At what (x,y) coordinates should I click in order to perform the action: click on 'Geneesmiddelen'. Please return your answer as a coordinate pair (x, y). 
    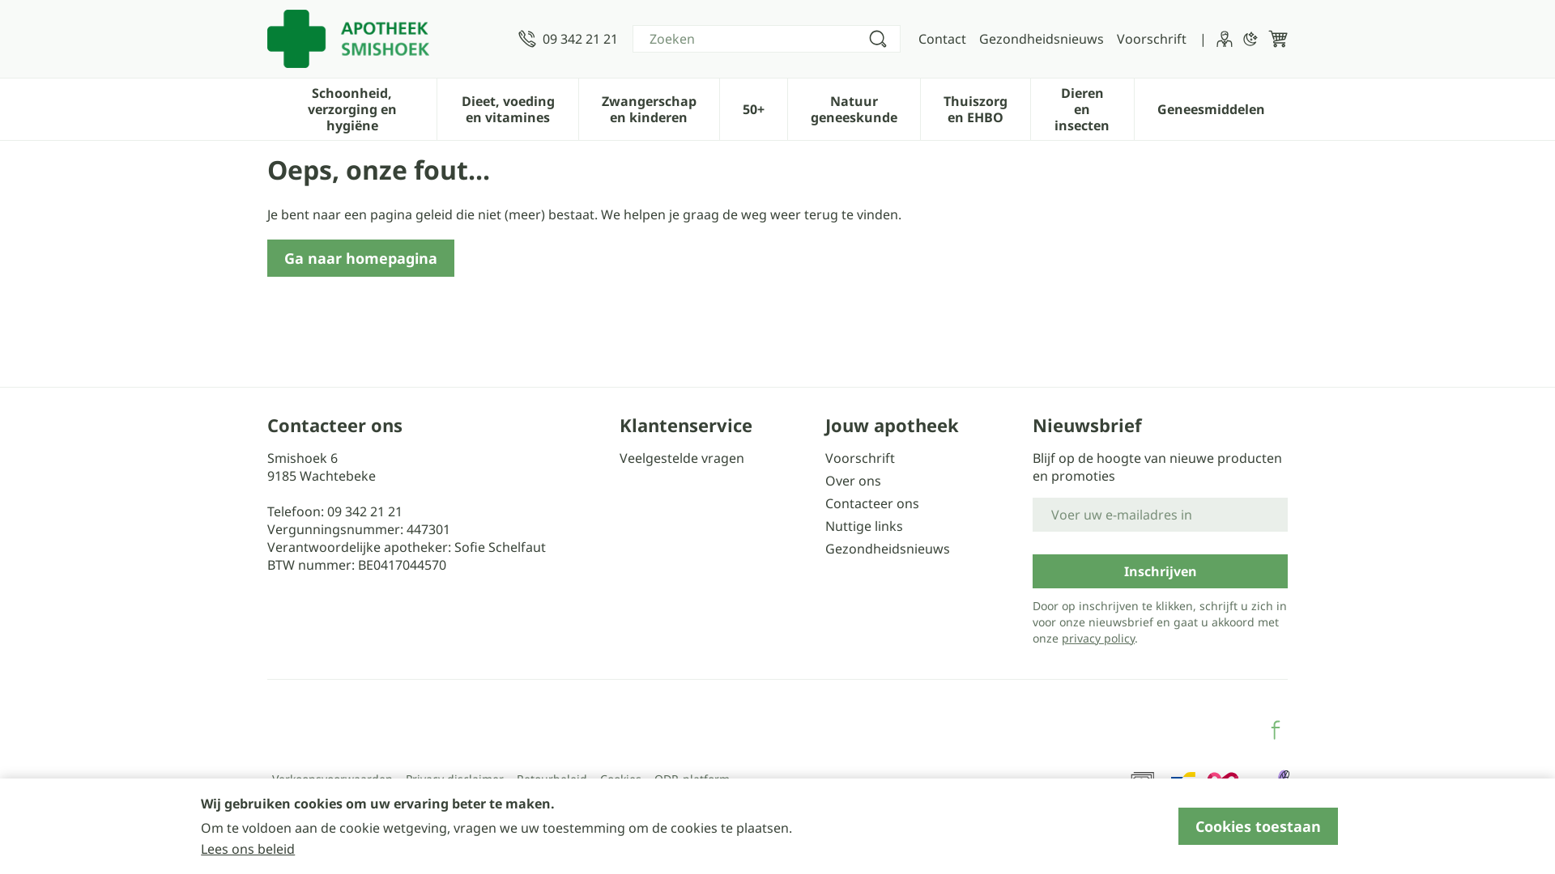
    Looking at the image, I should click on (1211, 107).